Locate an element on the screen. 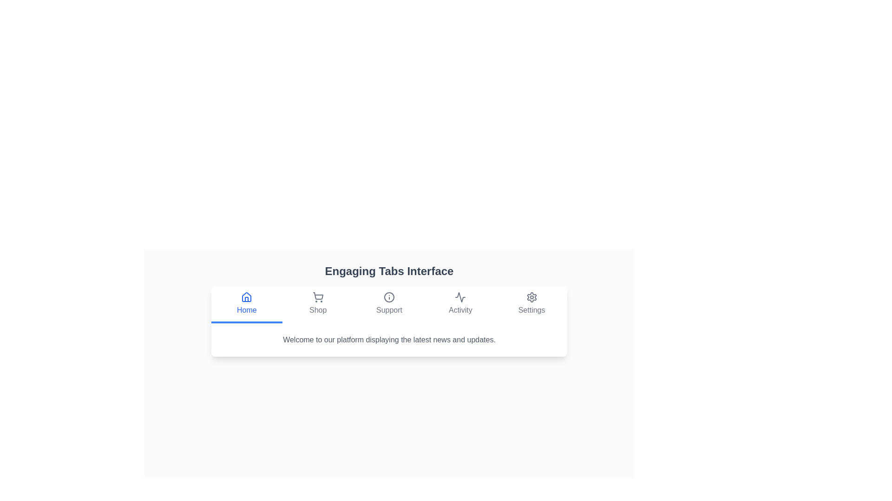 The image size is (892, 501). the 'Support' navigation tab, which features an 'i' icon in a circular frame and the label 'Support' beneath it is located at coordinates (389, 304).